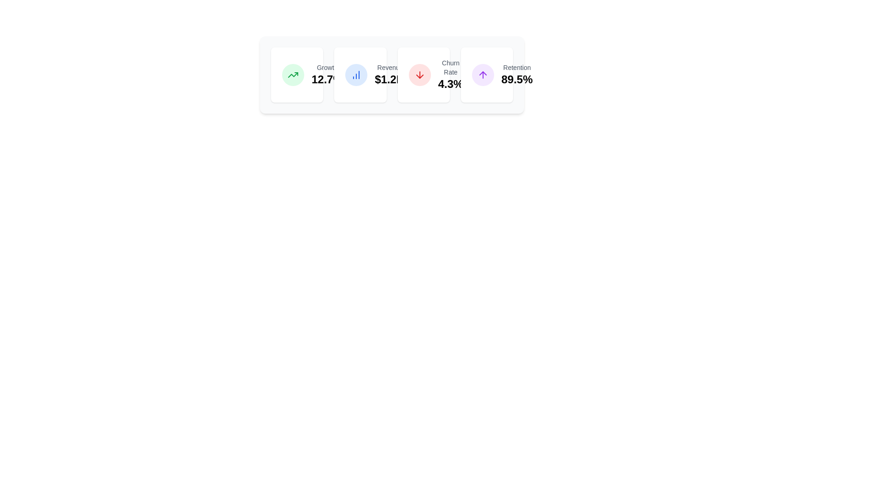 The height and width of the screenshot is (497, 885). Describe the element at coordinates (423, 74) in the screenshot. I see `the Informational panel displaying the 'Churn Rate' metric, which shows a value of '4.3%' and has a downward arrow indicating a decrease in churn rate` at that location.